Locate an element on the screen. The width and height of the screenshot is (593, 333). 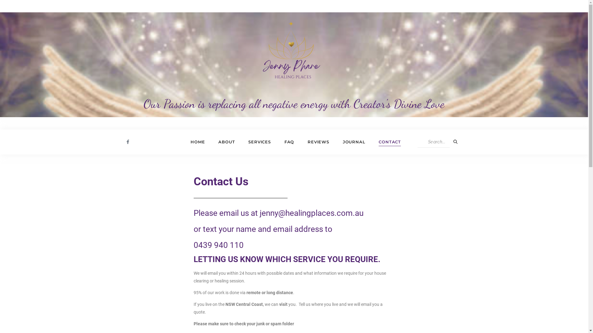
'CONTACT' is located at coordinates (389, 142).